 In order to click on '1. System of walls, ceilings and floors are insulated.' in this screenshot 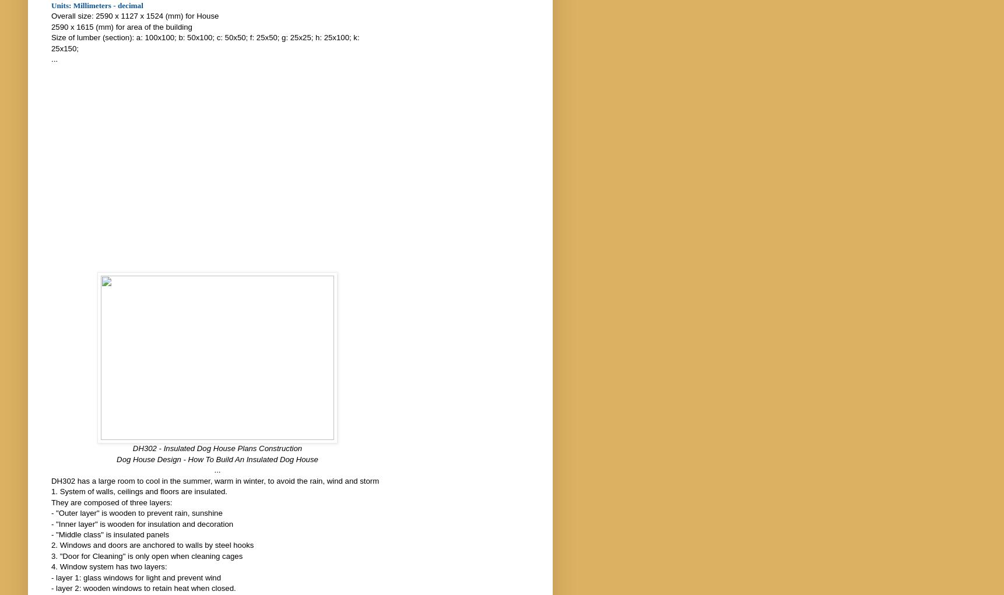, I will do `click(50, 491)`.